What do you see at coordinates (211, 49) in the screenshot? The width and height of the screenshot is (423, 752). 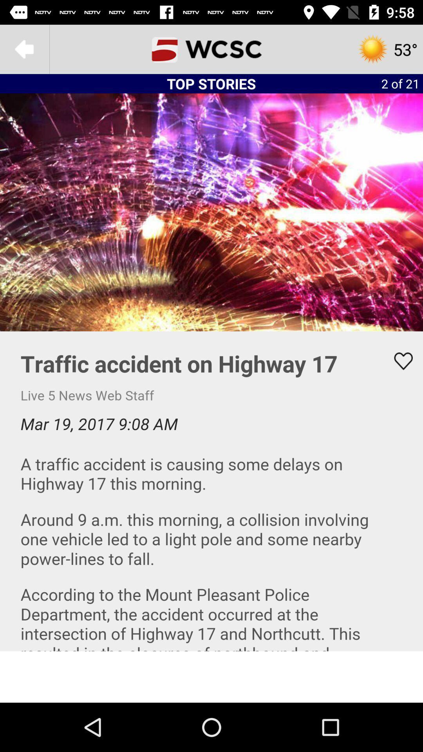 I see `the home page` at bounding box center [211, 49].